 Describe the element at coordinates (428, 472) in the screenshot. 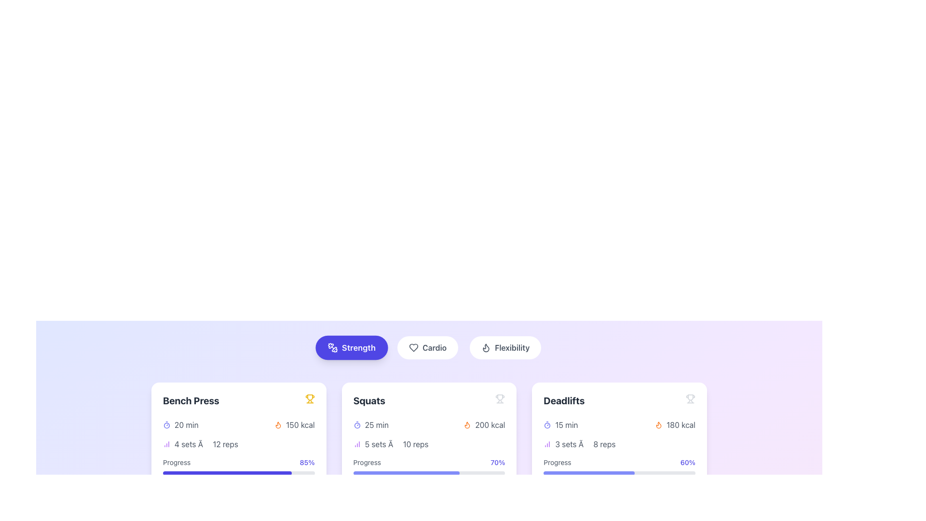

I see `the horizontal progress bar indicating 70% completion located below the text 'Squats' and above the blue text '70%'` at that location.